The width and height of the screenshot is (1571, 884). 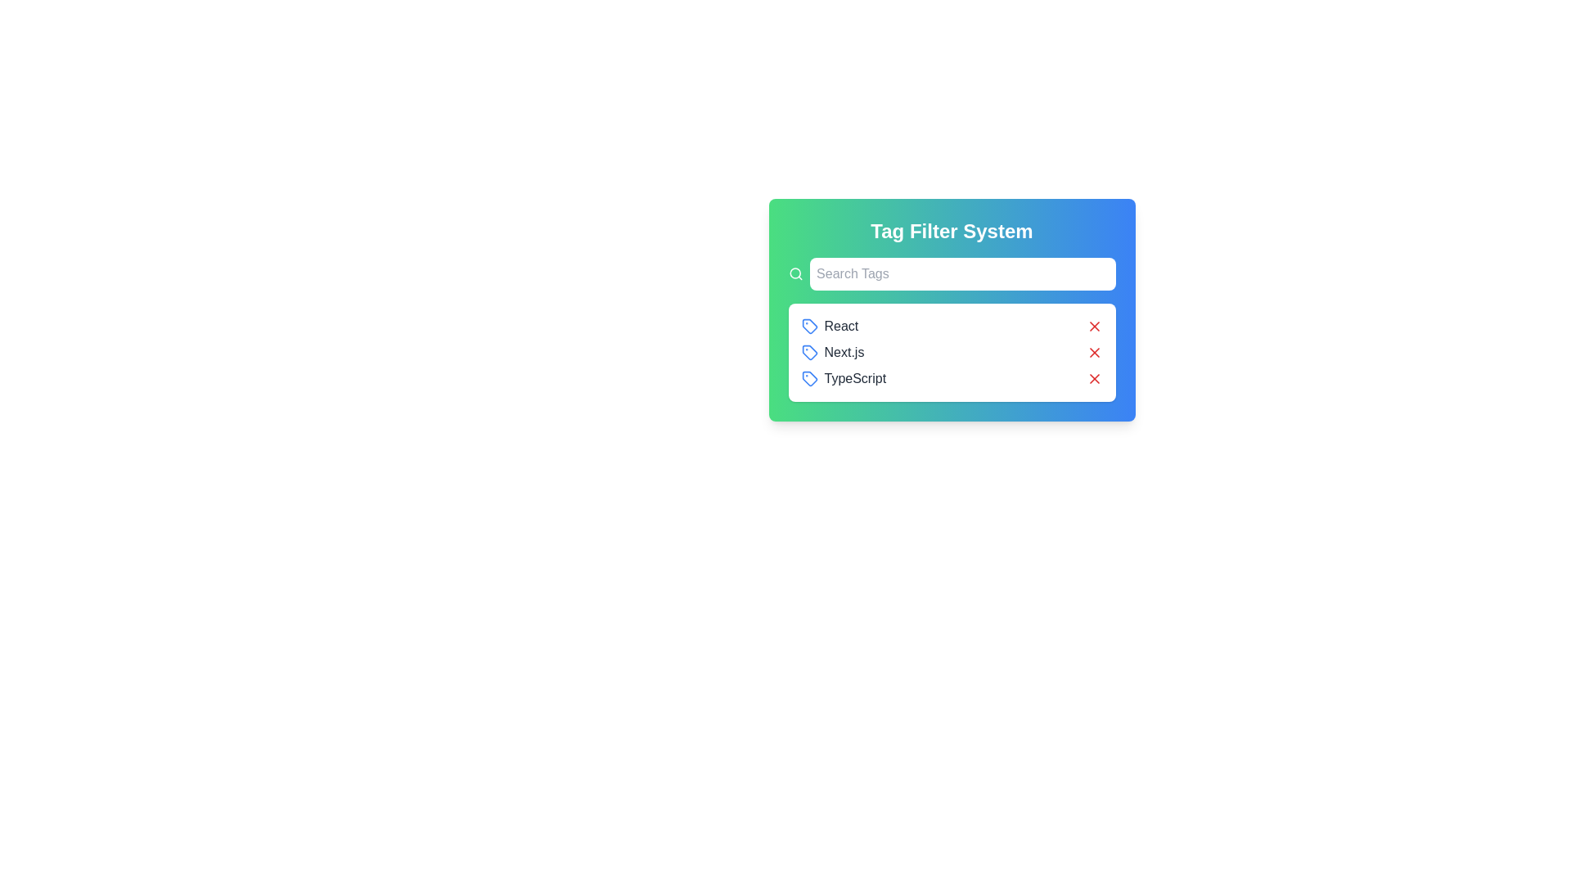 I want to click on the List item labeled 'Next.js', which includes a blue tag icon and black text, so click(x=832, y=352).